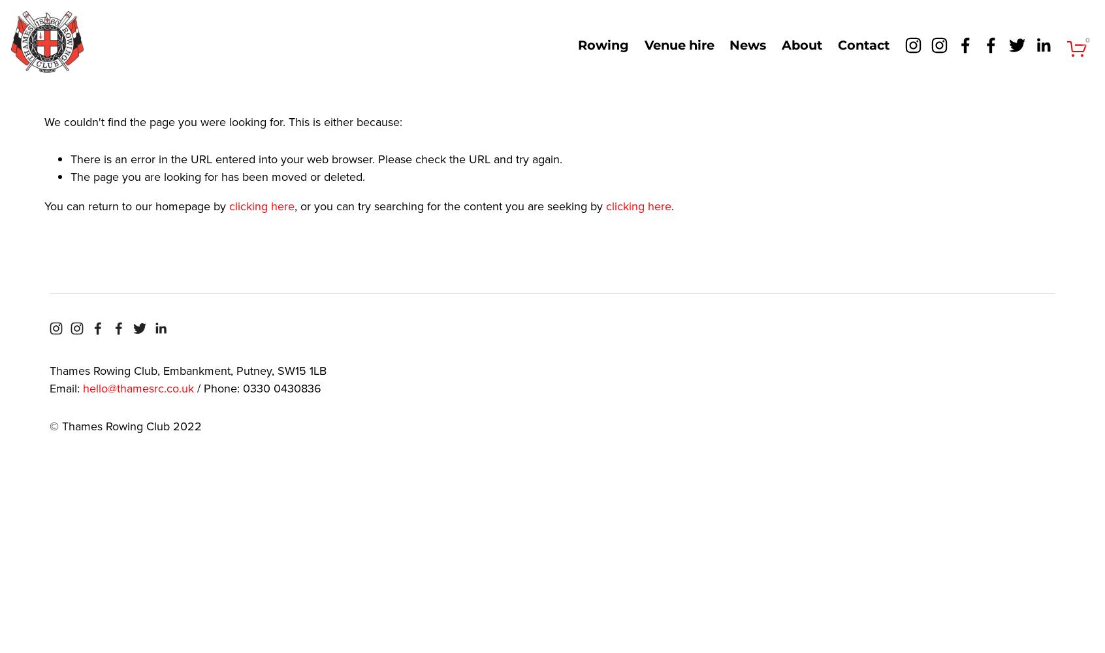 This screenshot has width=1105, height=653. Describe the element at coordinates (257, 388) in the screenshot. I see `'/ Phone: 0330 0430836'` at that location.